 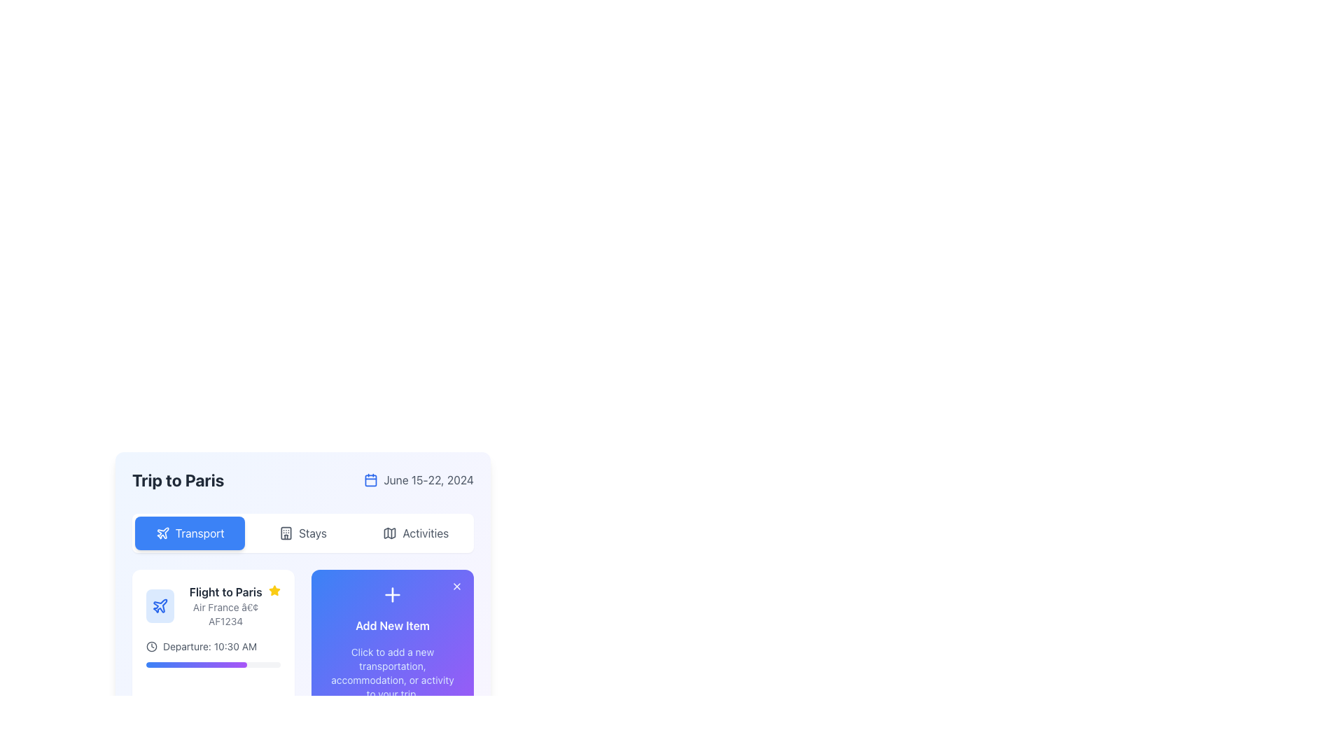 I want to click on the text block containing 'Flight to Paris' and 'Air France • AF1234', so click(x=213, y=605).